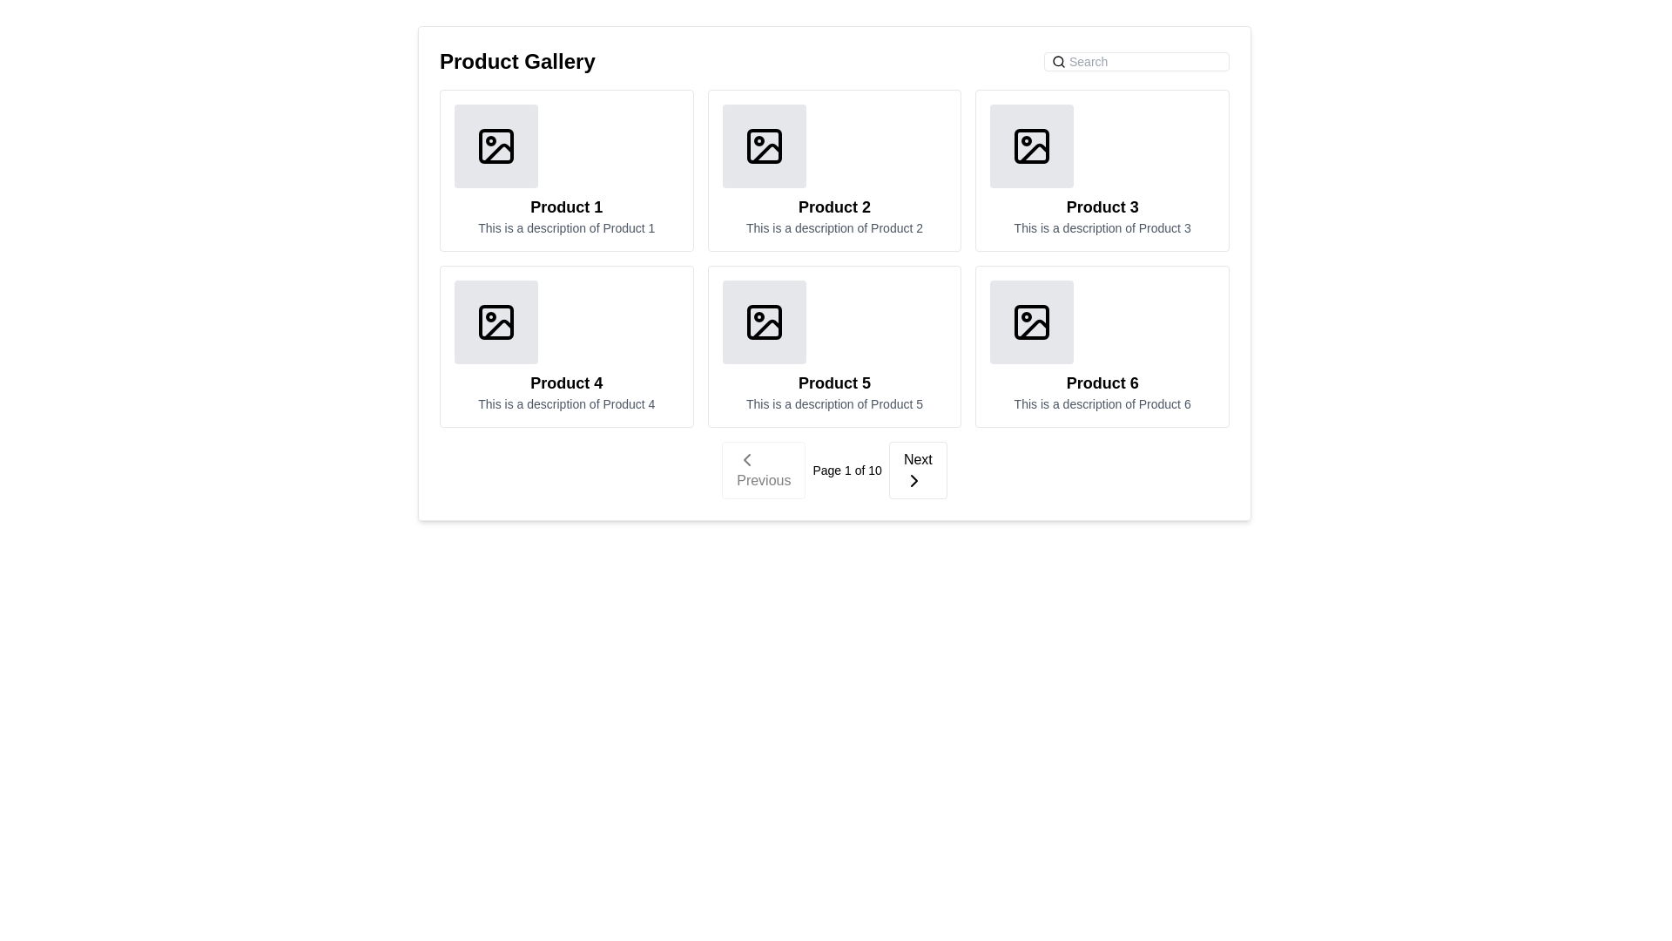 Image resolution: width=1672 pixels, height=941 pixels. Describe the element at coordinates (747, 459) in the screenshot. I see `the backward navigation icon located inside the 'Previous' button at the bottom-left side of the page` at that location.